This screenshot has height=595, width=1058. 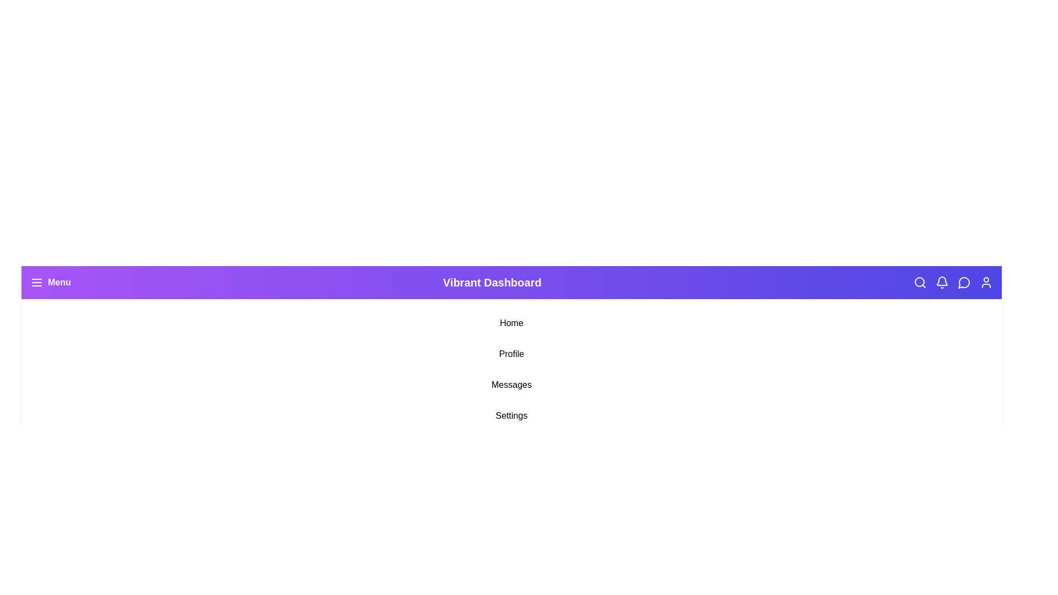 I want to click on the Messages icon in the navigation bar, so click(x=964, y=282).